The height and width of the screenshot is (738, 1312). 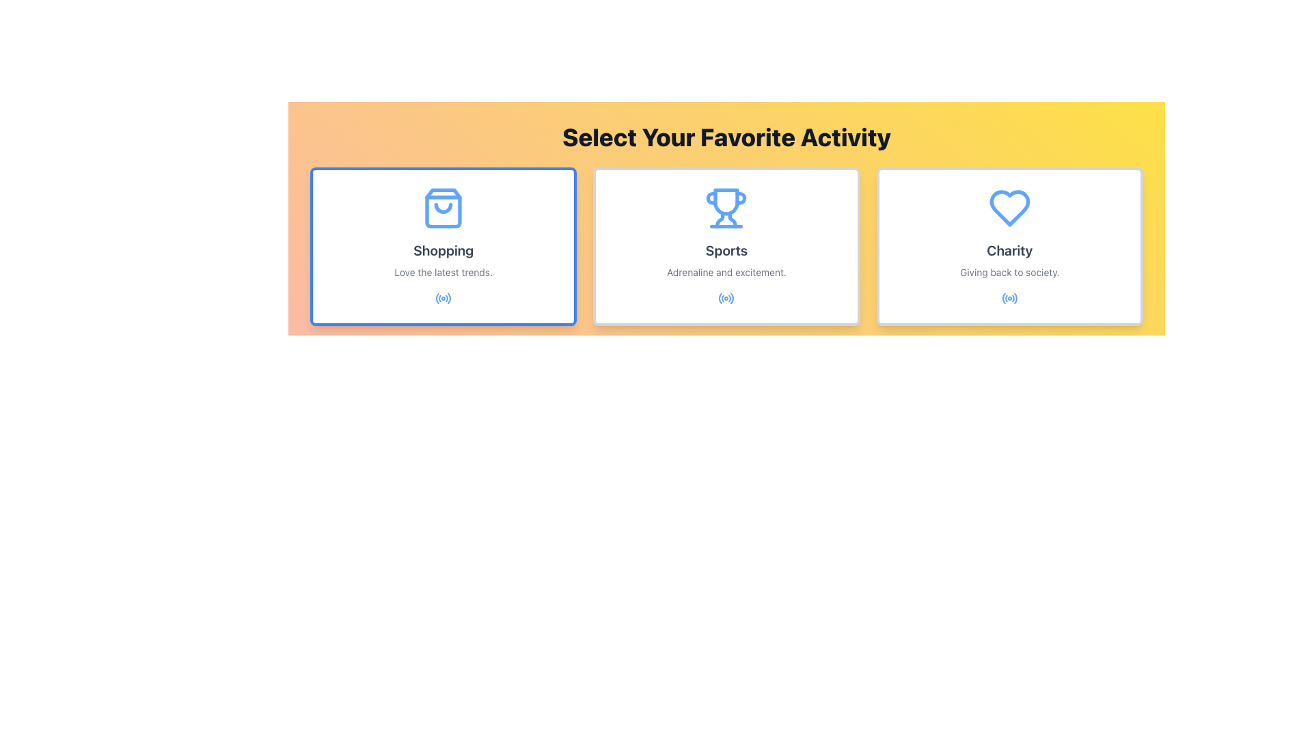 I want to click on the circular radio icon with blue lines located below the 'Shopping' text in the 'Shopping' card, so click(x=443, y=297).